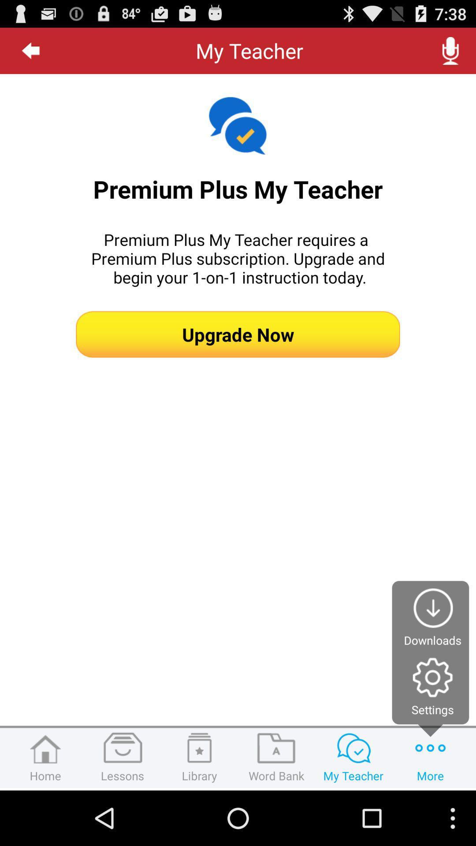  What do you see at coordinates (450, 50) in the screenshot?
I see `item next to the my teacher` at bounding box center [450, 50].